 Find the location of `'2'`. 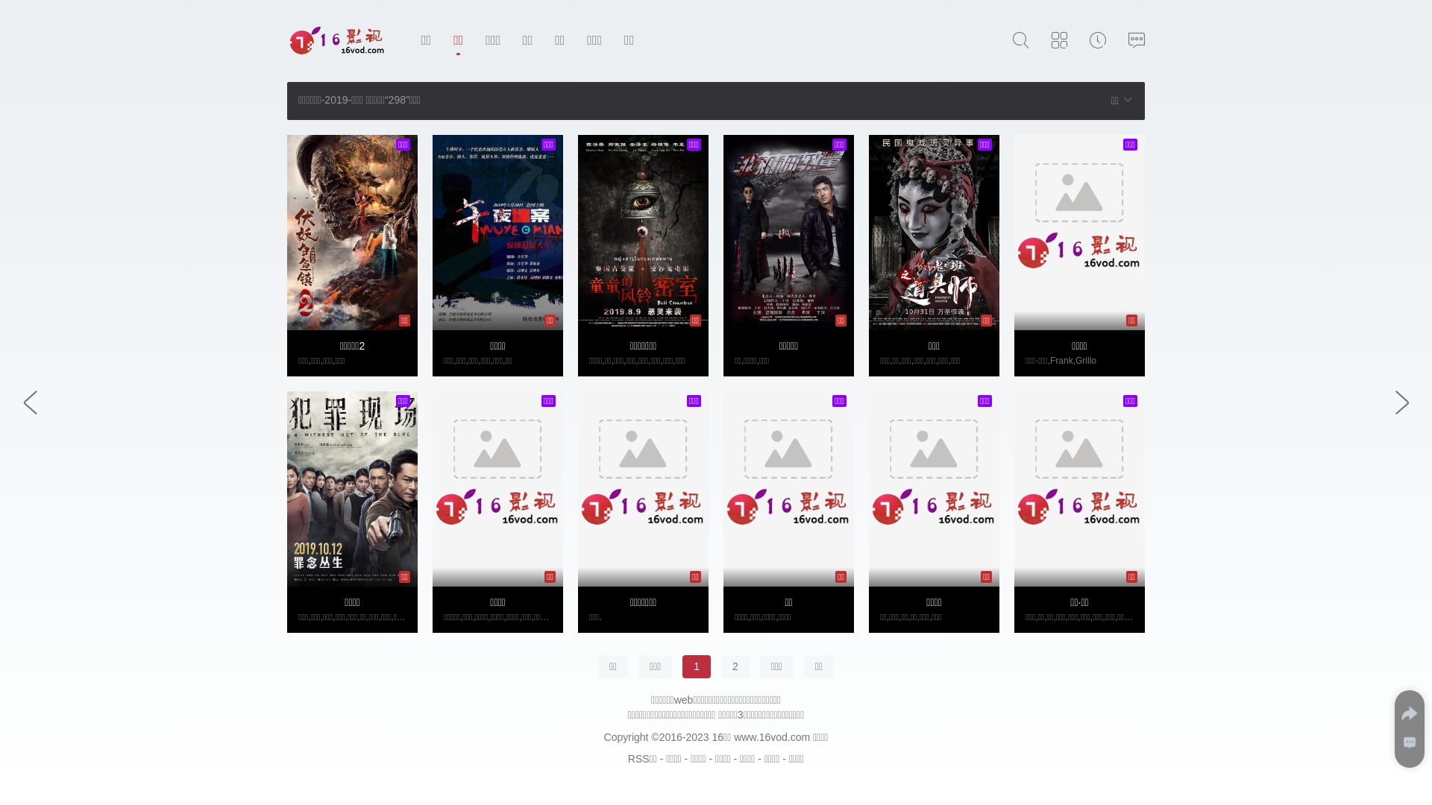

'2' is located at coordinates (735, 666).